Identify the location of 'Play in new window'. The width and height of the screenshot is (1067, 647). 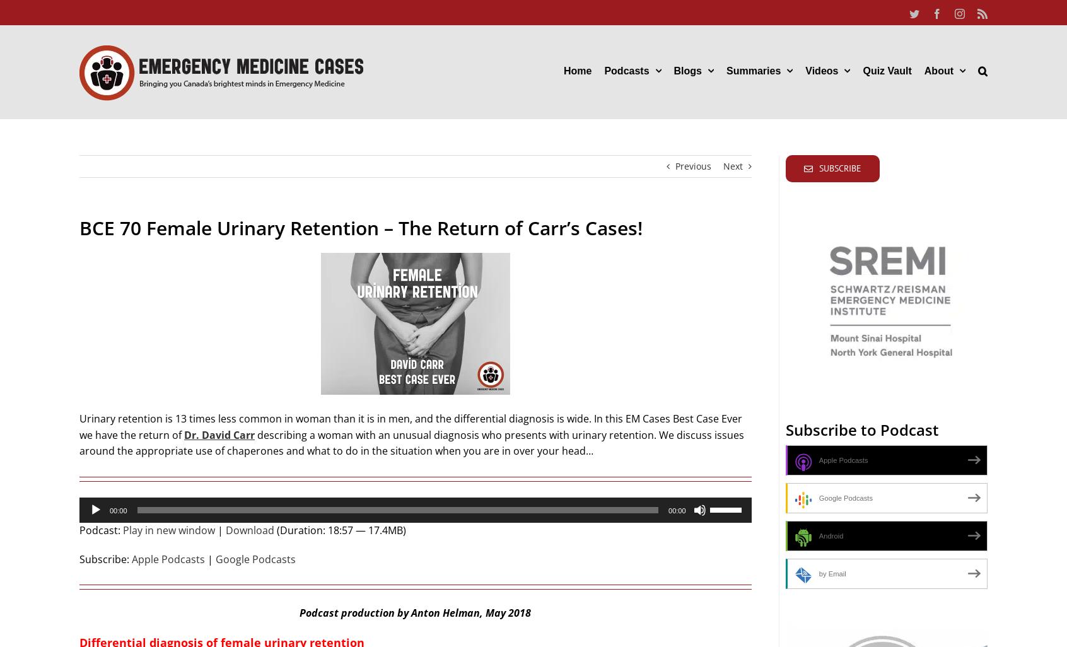
(169, 530).